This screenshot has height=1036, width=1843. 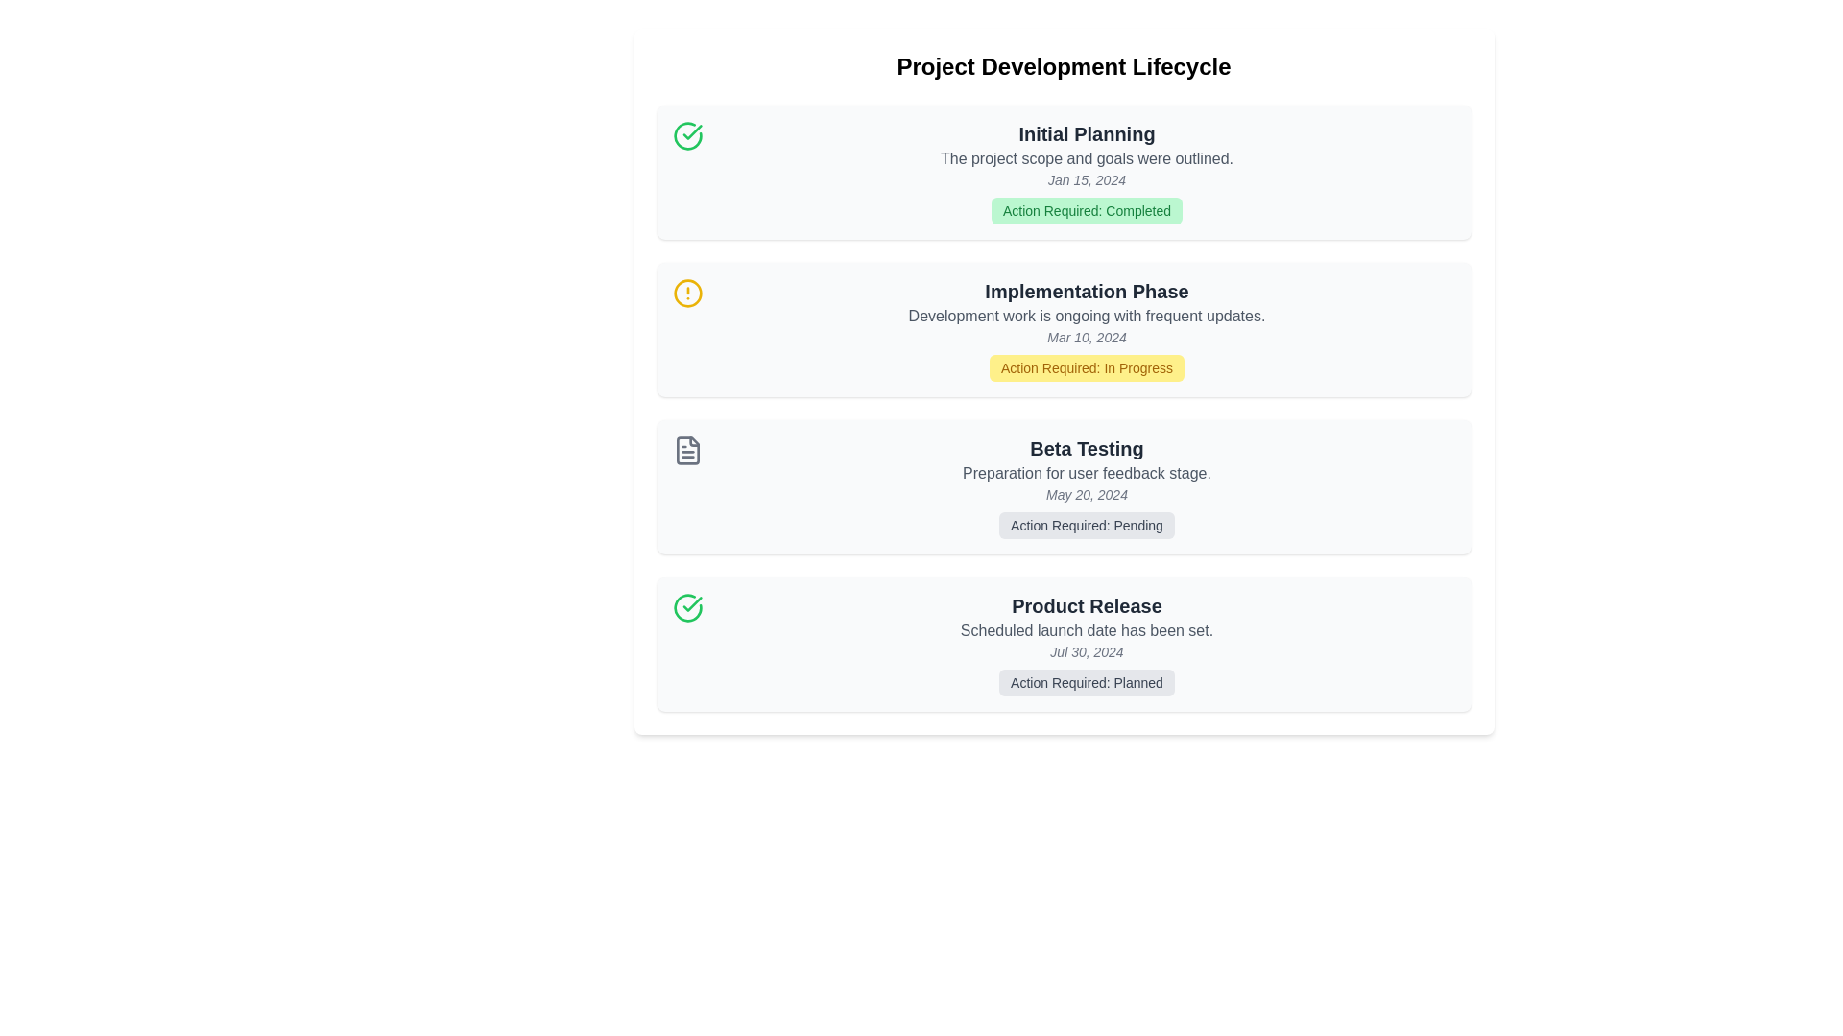 I want to click on the static label that displays the message 'Action Required: Planned.' located below 'Jul 30, 2024' in the 'Product Release' section, so click(x=1087, y=682).